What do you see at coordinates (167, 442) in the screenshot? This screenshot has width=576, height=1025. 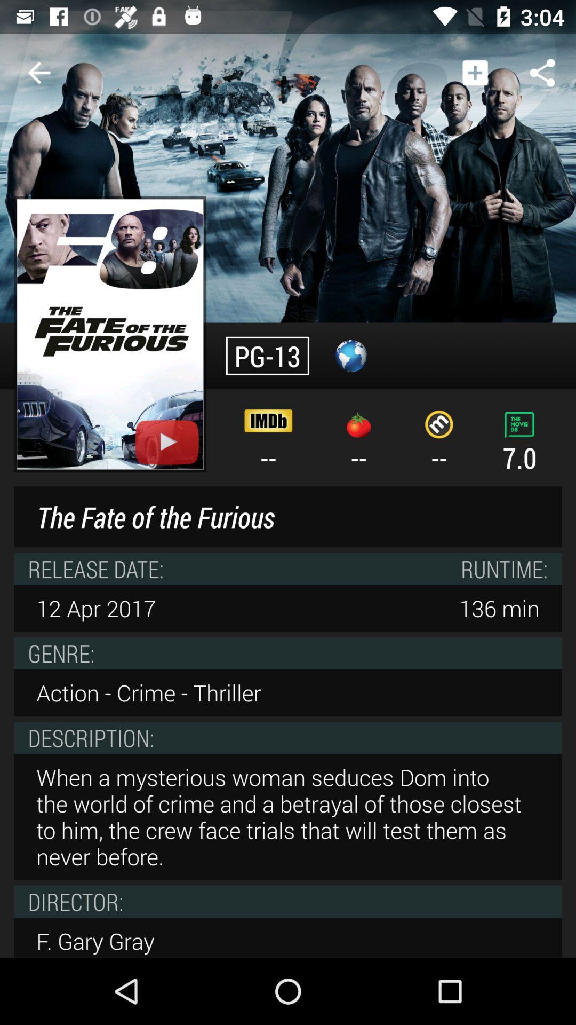 I see `plays trailer` at bounding box center [167, 442].